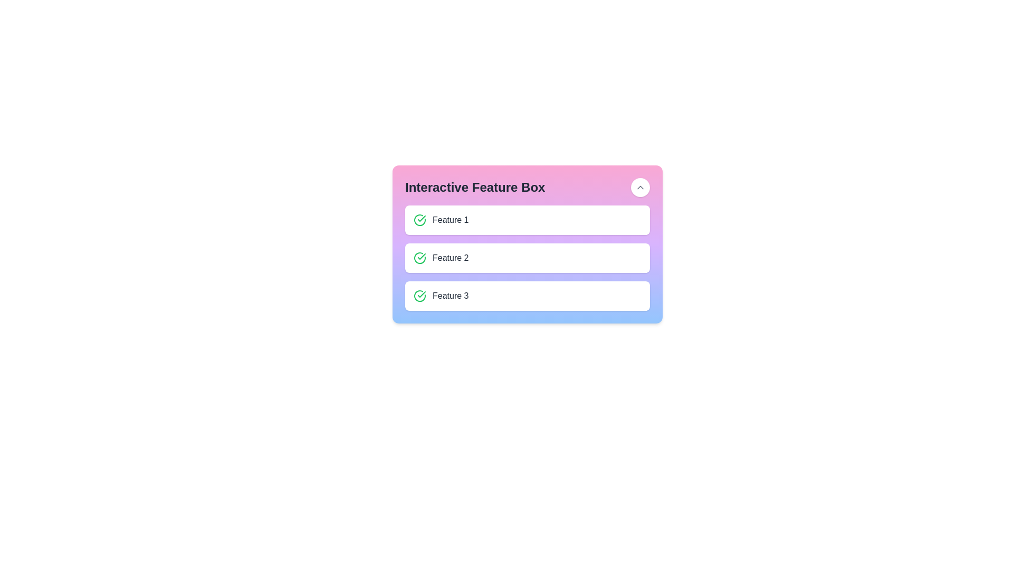 This screenshot has width=1013, height=569. I want to click on the green circular icon with a checkmark inside, which is located to the left of the 'Feature 1' label in the 'Interactive Feature Box', so click(419, 219).